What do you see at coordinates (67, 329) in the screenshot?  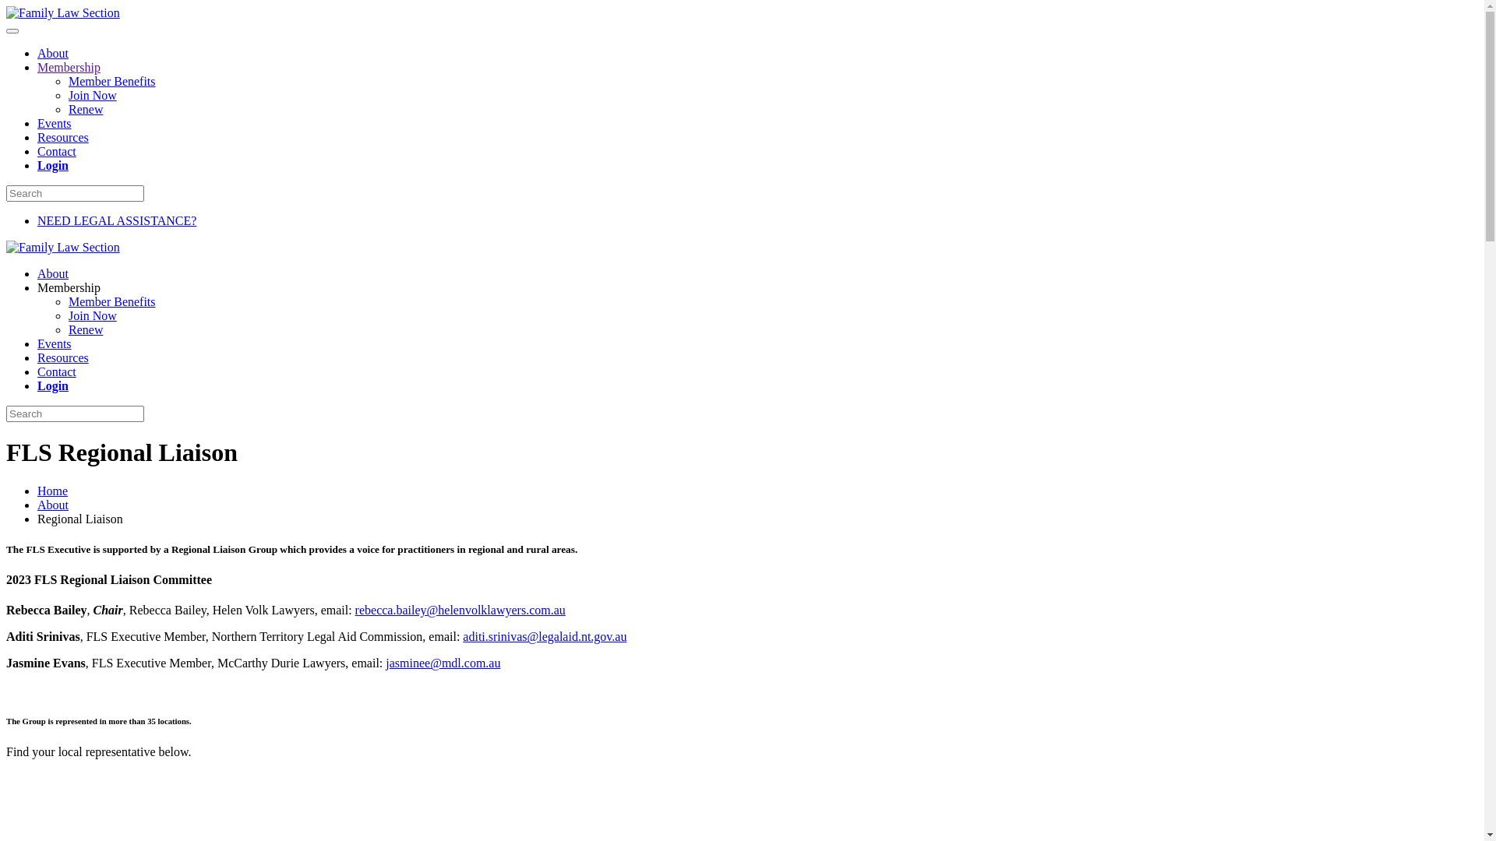 I see `'Renew'` at bounding box center [67, 329].